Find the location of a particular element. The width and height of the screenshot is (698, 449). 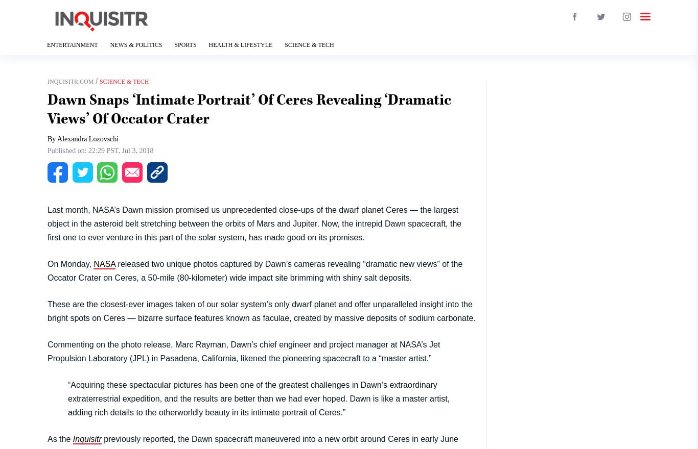

'Published on: 22:29 PST, Jul 3, 2018' is located at coordinates (100, 150).